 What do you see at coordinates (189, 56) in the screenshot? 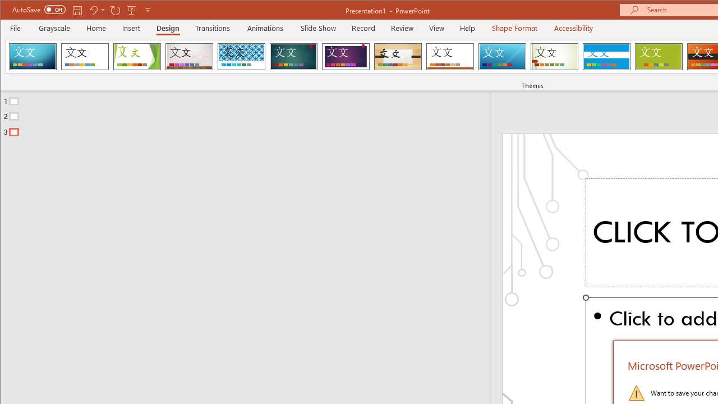
I see `'Gallery'` at bounding box center [189, 56].